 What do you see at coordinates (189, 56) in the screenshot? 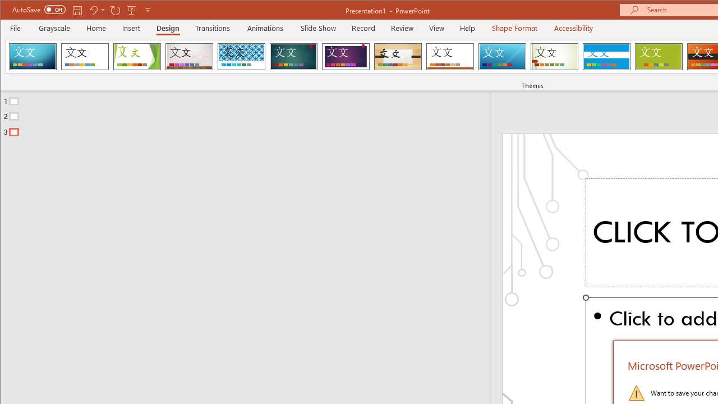
I see `'Gallery'` at bounding box center [189, 56].